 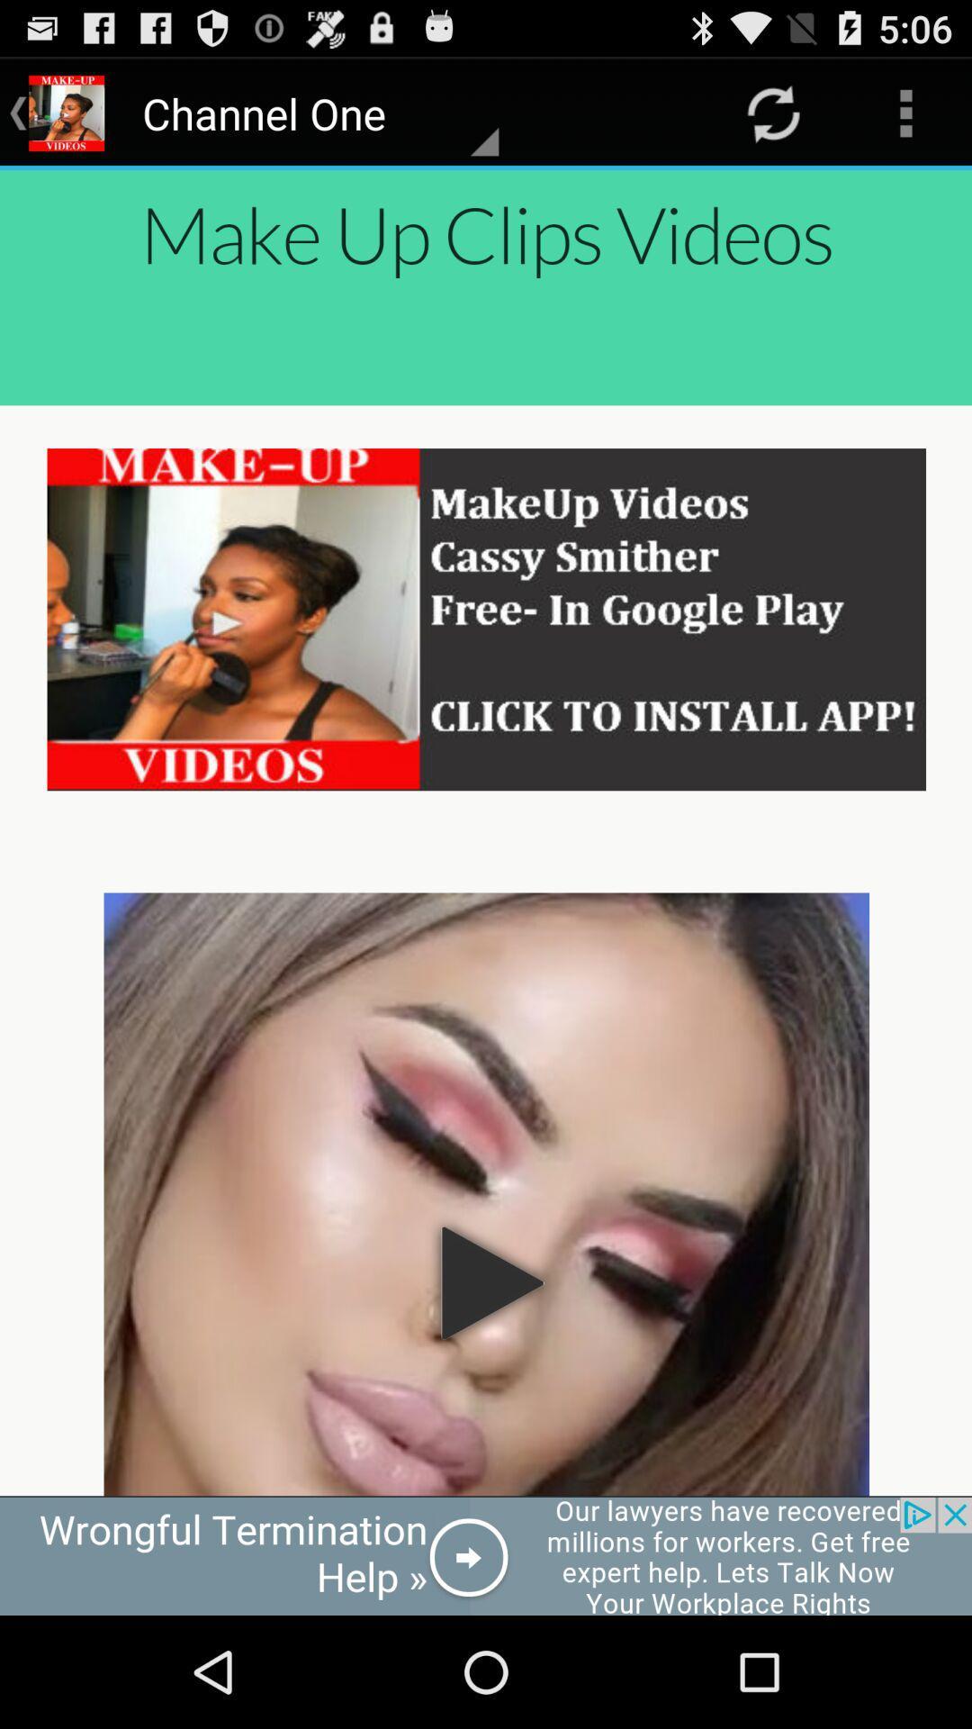 What do you see at coordinates (486, 1555) in the screenshot?
I see `open advertisement` at bounding box center [486, 1555].